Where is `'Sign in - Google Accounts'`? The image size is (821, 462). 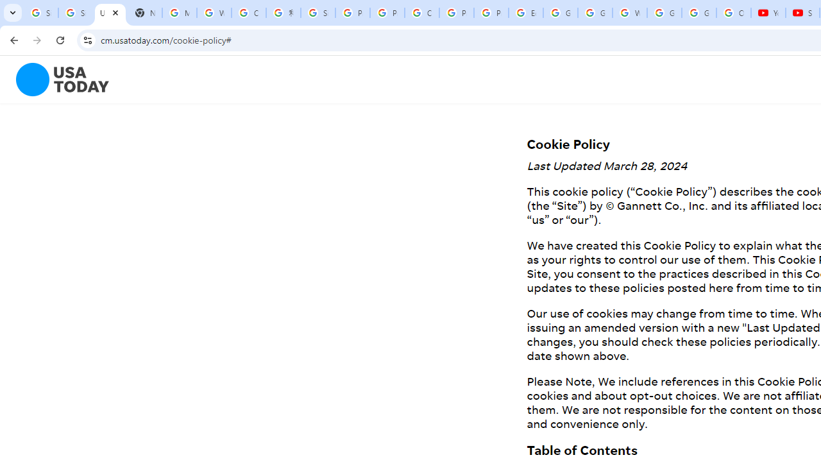 'Sign in - Google Accounts' is located at coordinates (318, 13).